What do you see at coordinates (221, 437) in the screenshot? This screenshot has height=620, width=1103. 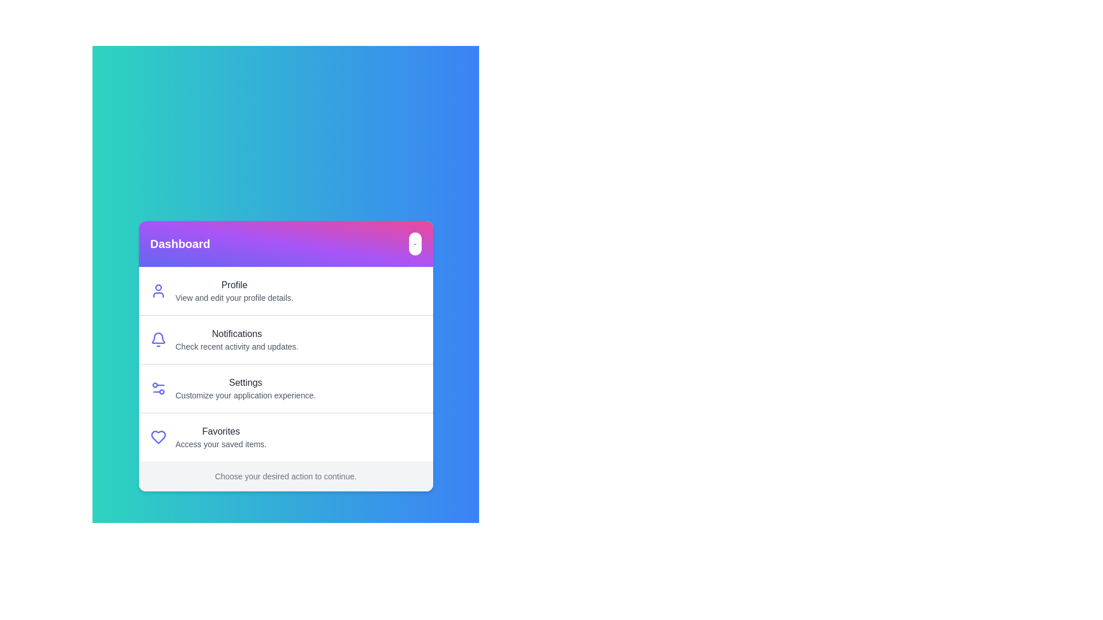 I see `the menu option corresponding to Favorites` at bounding box center [221, 437].